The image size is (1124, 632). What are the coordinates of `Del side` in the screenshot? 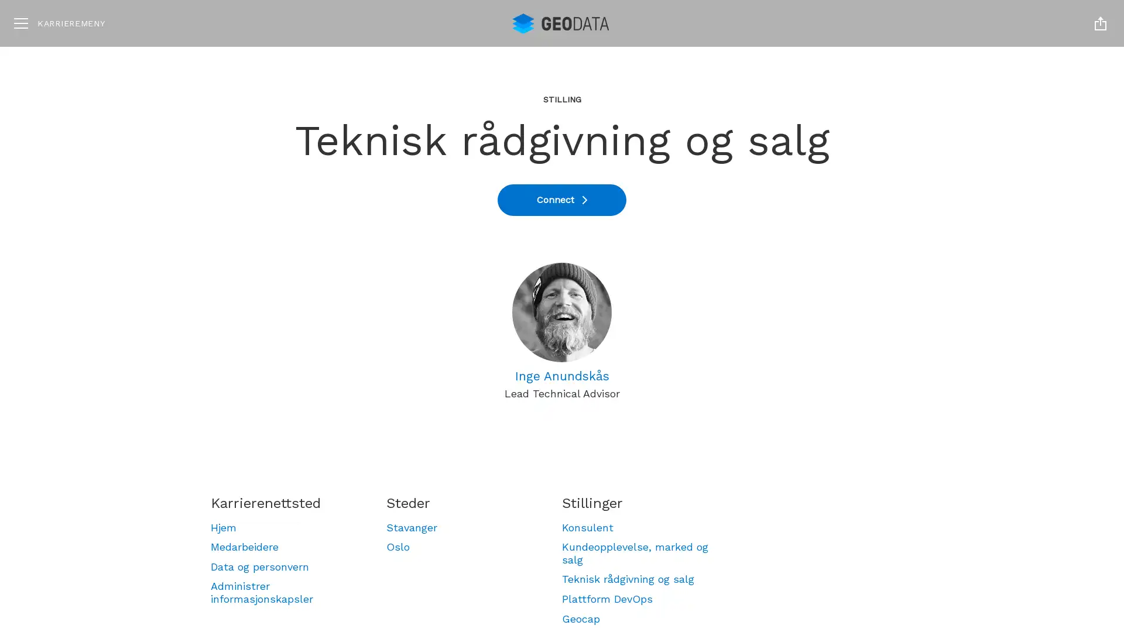 It's located at (1100, 23).